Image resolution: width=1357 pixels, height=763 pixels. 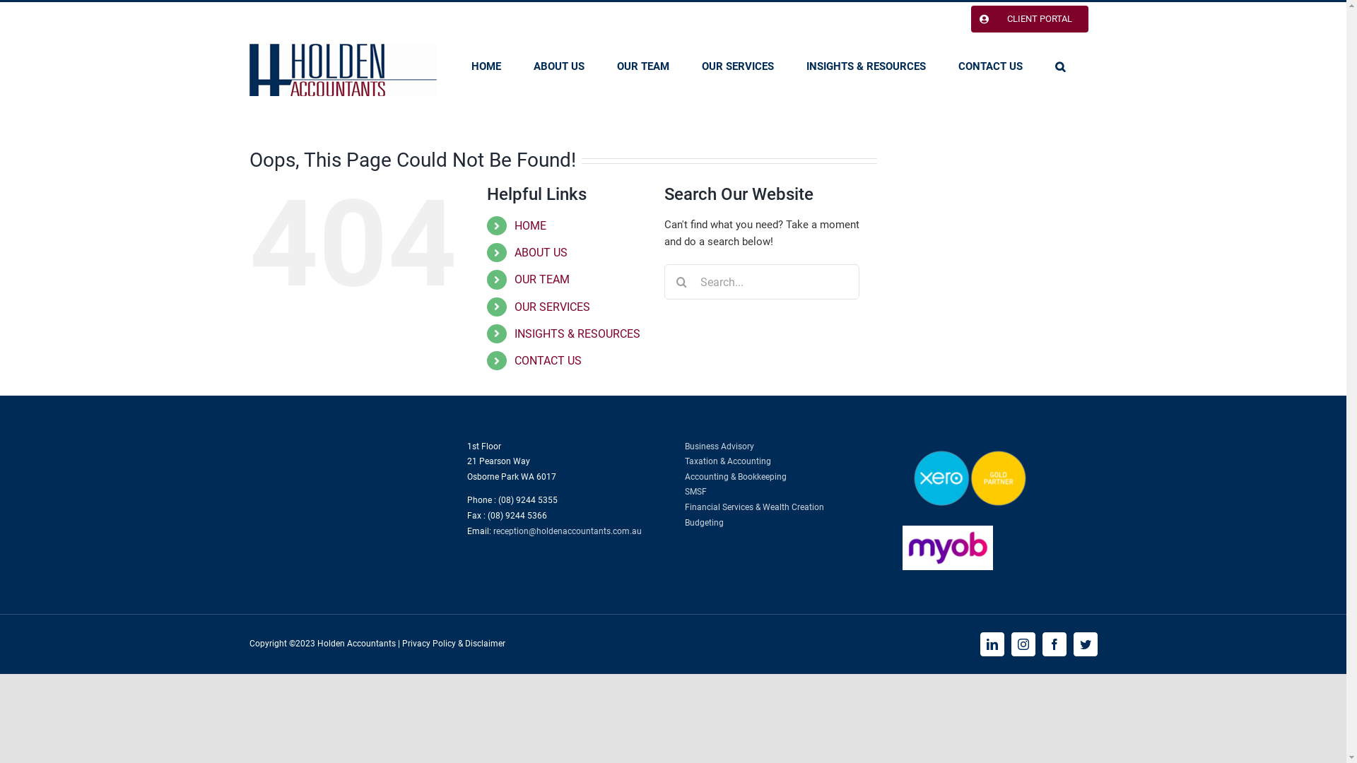 I want to click on 'SMSF', so click(x=695, y=490).